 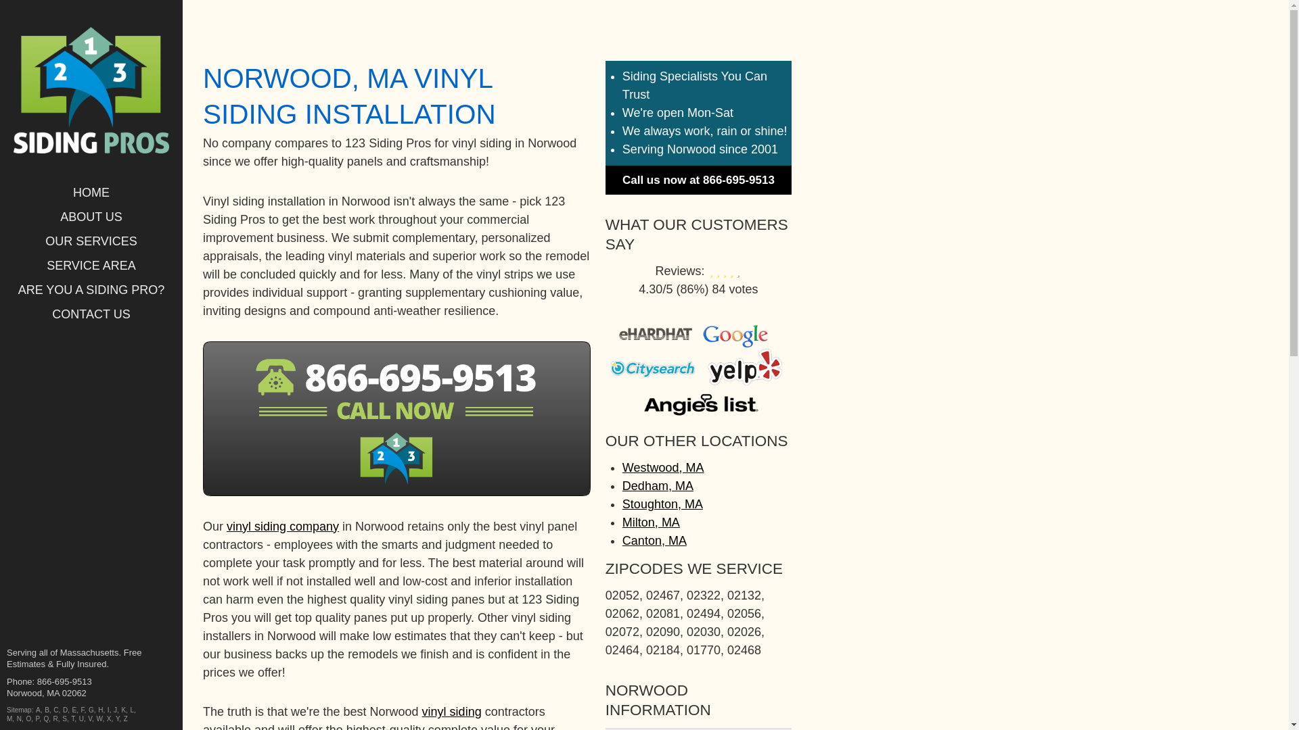 What do you see at coordinates (133, 709) in the screenshot?
I see `'L'` at bounding box center [133, 709].